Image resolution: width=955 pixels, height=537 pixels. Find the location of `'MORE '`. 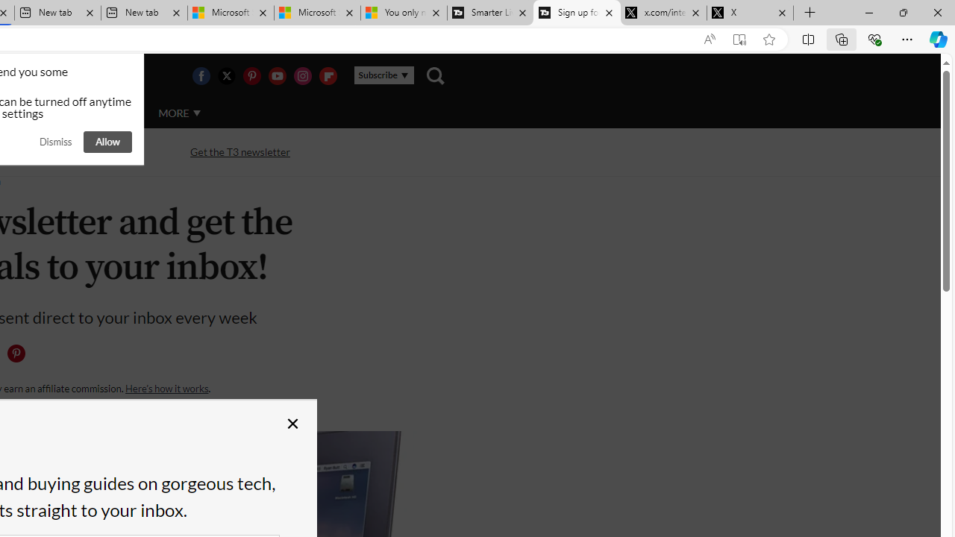

'MORE ' is located at coordinates (179, 112).